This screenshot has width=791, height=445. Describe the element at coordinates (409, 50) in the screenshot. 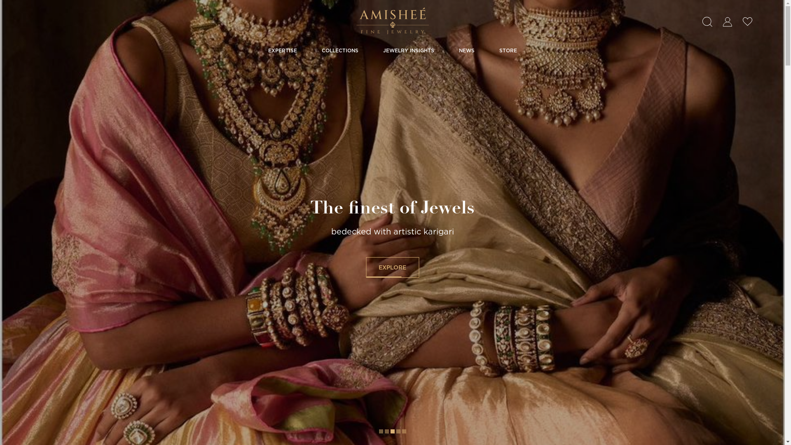

I see `'JEWELRY INSIGHTS'` at that location.